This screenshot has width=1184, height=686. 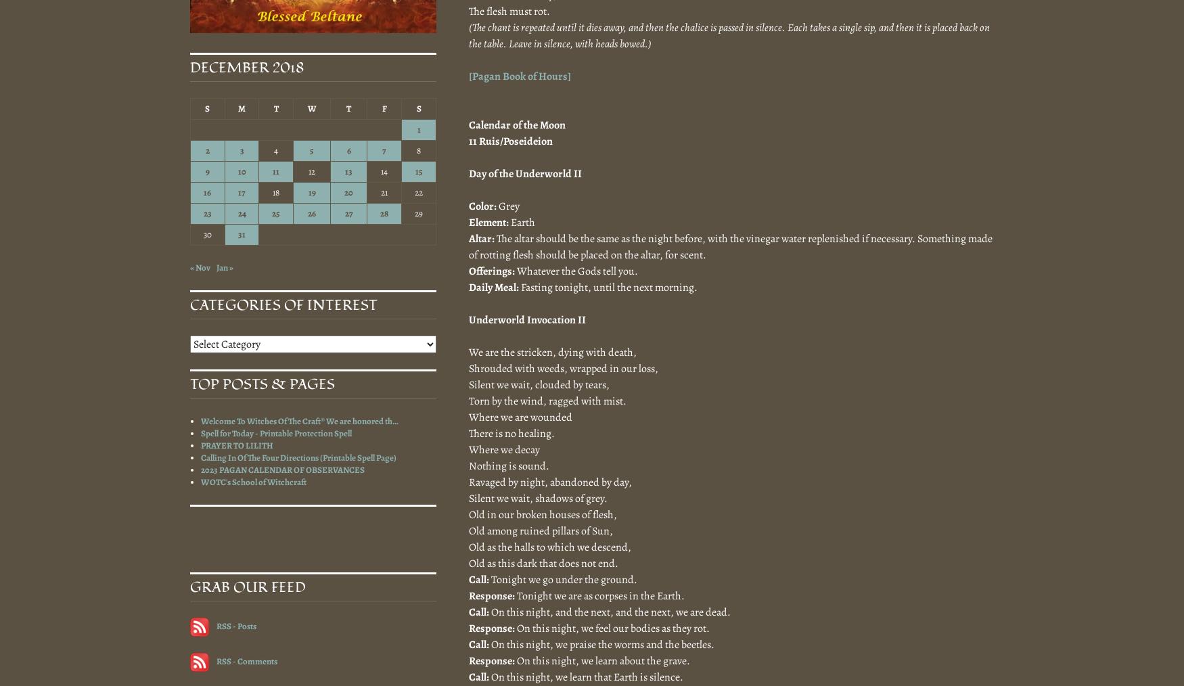 What do you see at coordinates (206, 233) in the screenshot?
I see `'30'` at bounding box center [206, 233].